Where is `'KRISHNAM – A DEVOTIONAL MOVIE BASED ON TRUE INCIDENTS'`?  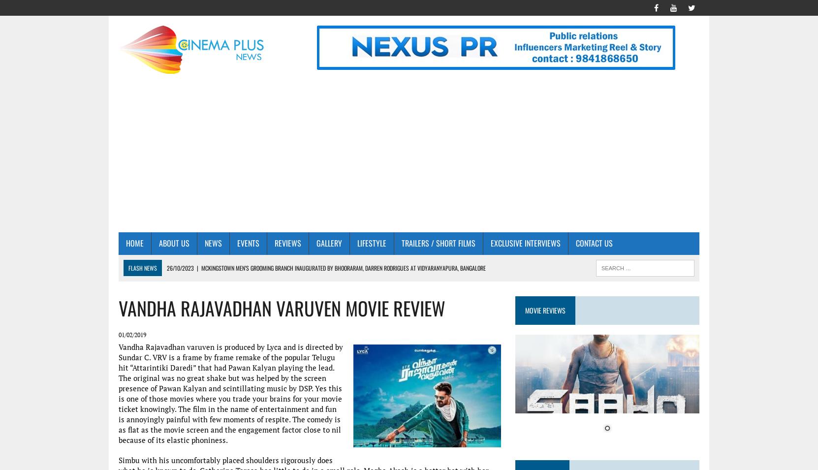 'KRISHNAM – A DEVOTIONAL MOVIE BASED ON TRUE INCIDENTS' is located at coordinates (230, 348).